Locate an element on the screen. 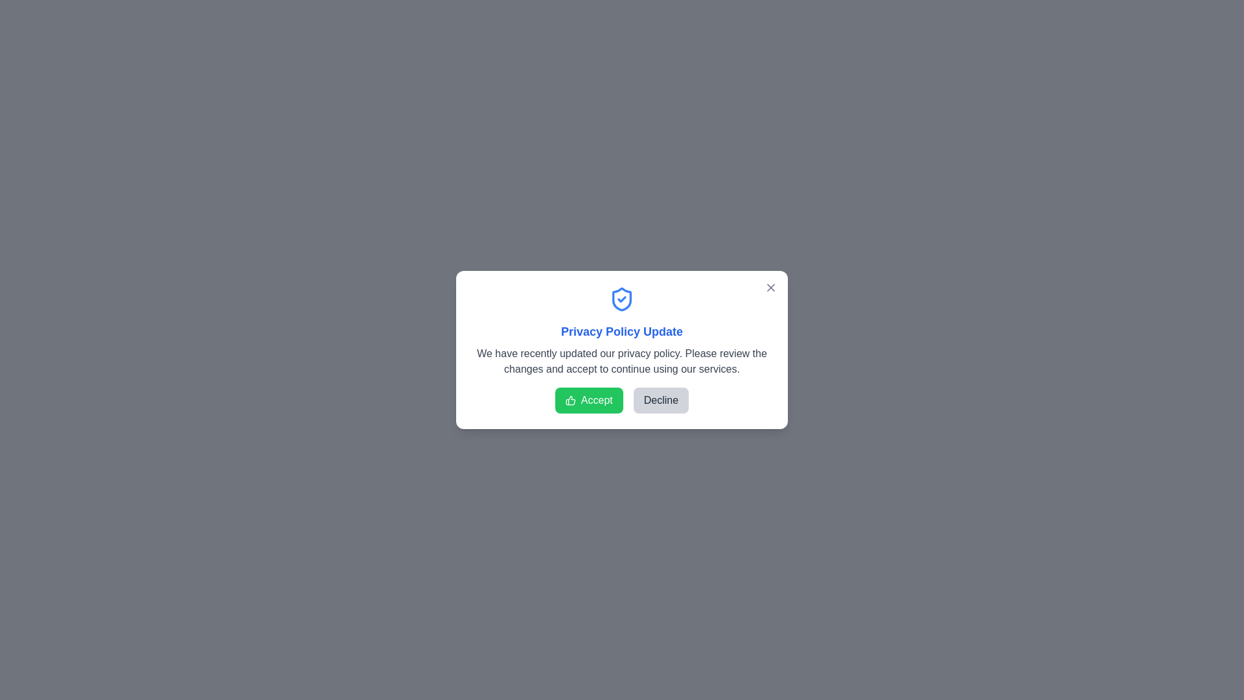 The image size is (1244, 700). the close button (X) to close the dialog is located at coordinates (771, 286).